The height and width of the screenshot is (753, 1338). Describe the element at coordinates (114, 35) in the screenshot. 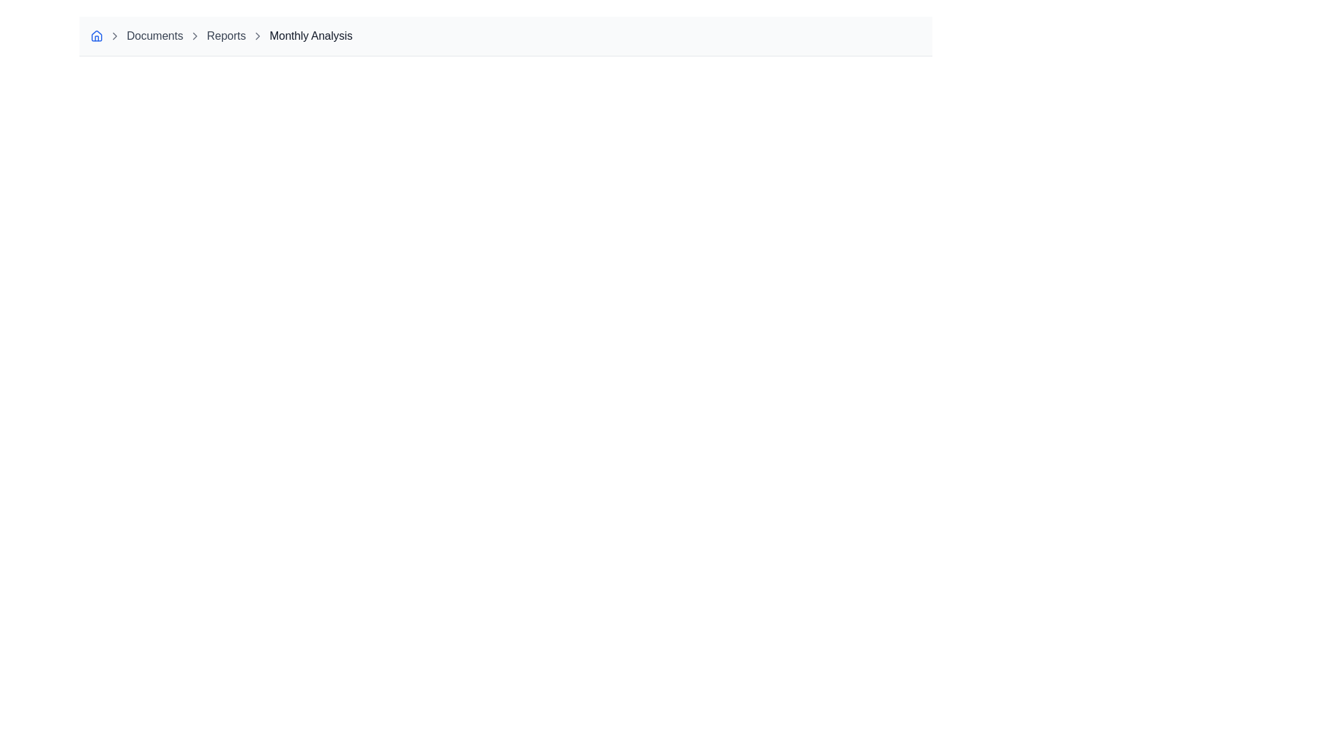

I see `the first chevron icon in the breadcrumb navigation, which indicates a separator between the home icon and the text 'Documents'` at that location.